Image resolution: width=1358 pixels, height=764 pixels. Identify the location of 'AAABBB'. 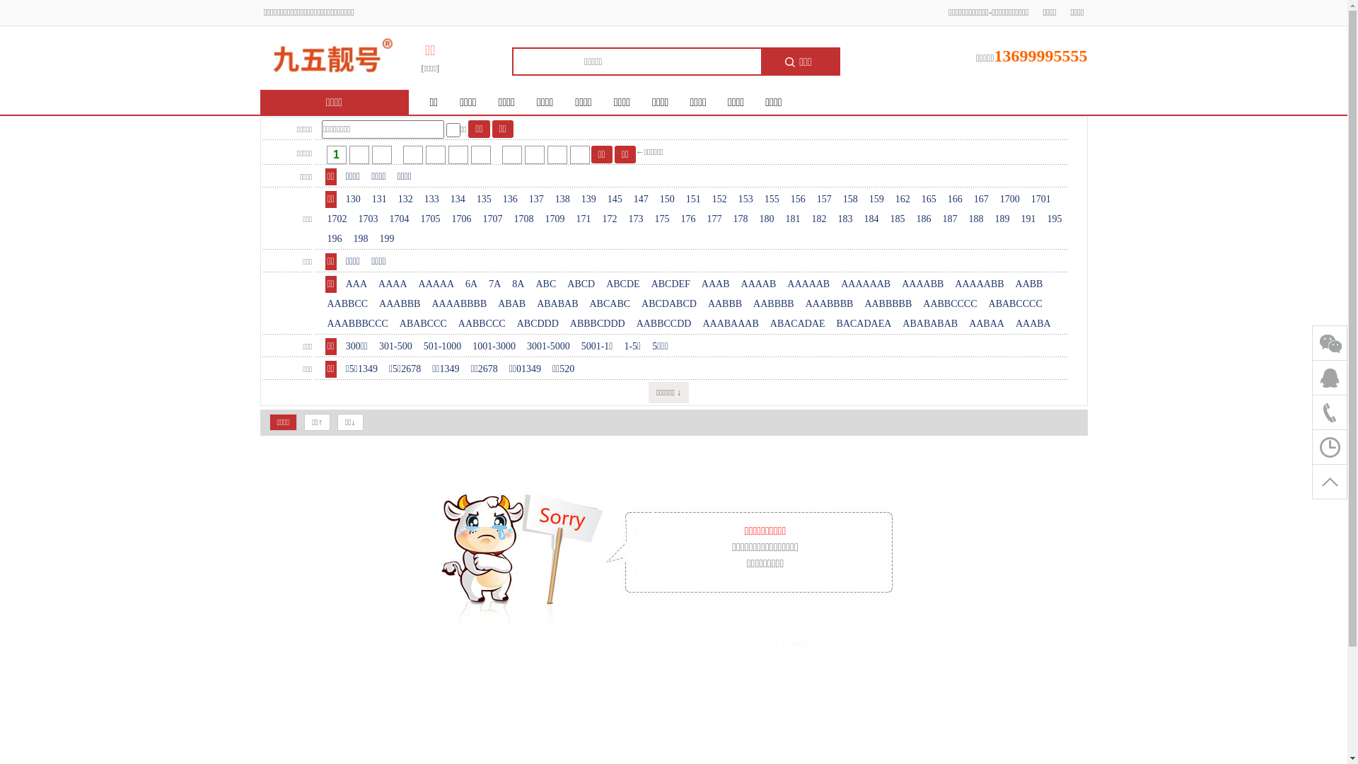
(376, 303).